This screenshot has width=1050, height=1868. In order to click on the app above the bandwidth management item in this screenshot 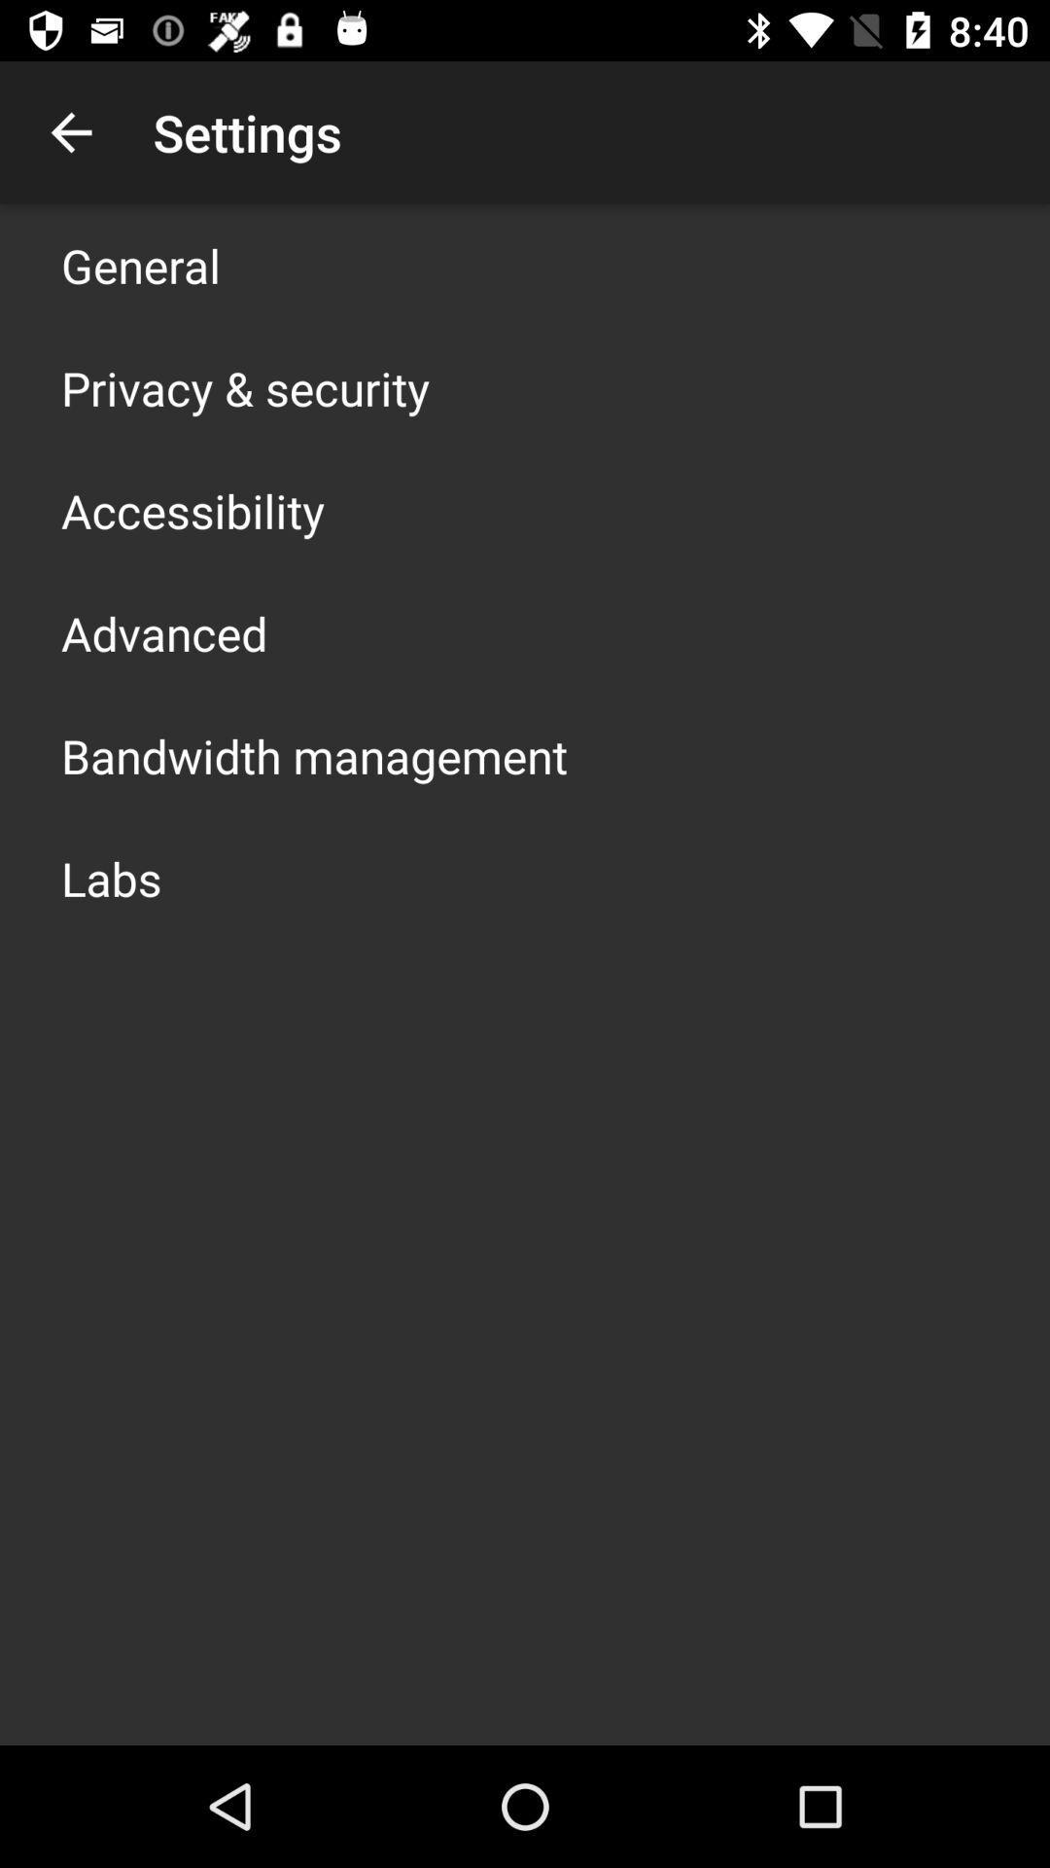, I will do `click(163, 633)`.